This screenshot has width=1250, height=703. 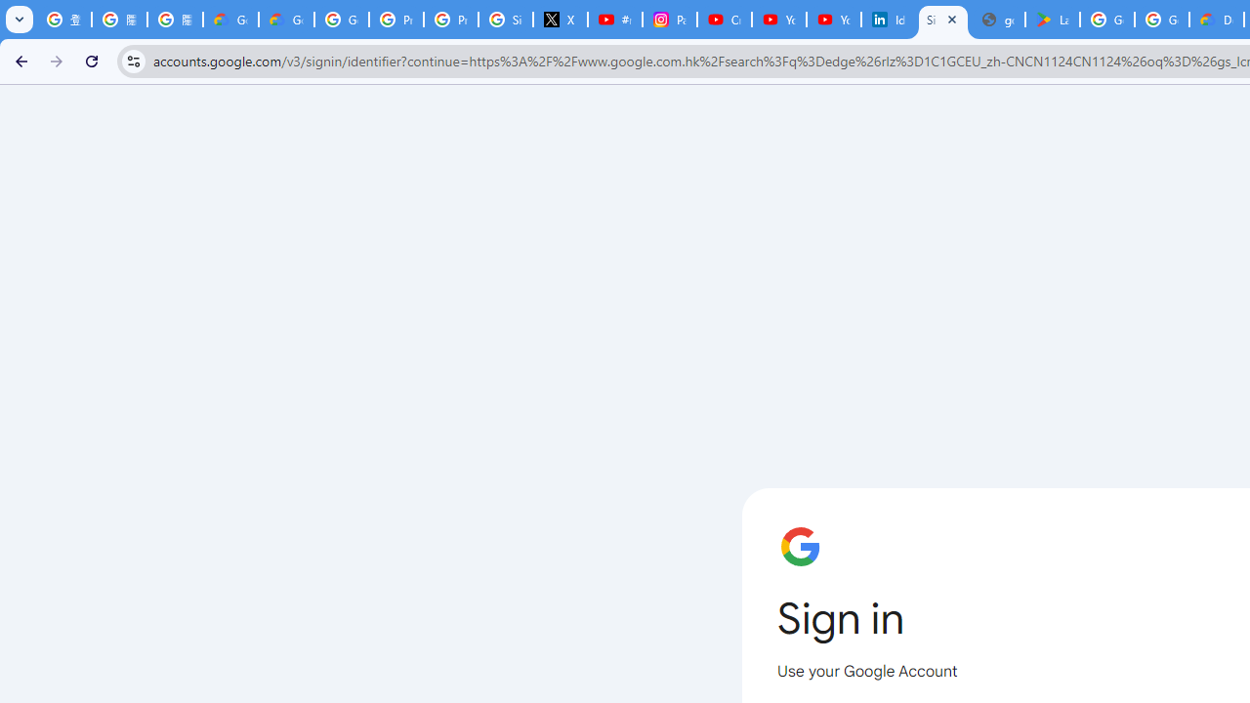 What do you see at coordinates (395, 20) in the screenshot?
I see `'Privacy Help Center - Policies Help'` at bounding box center [395, 20].